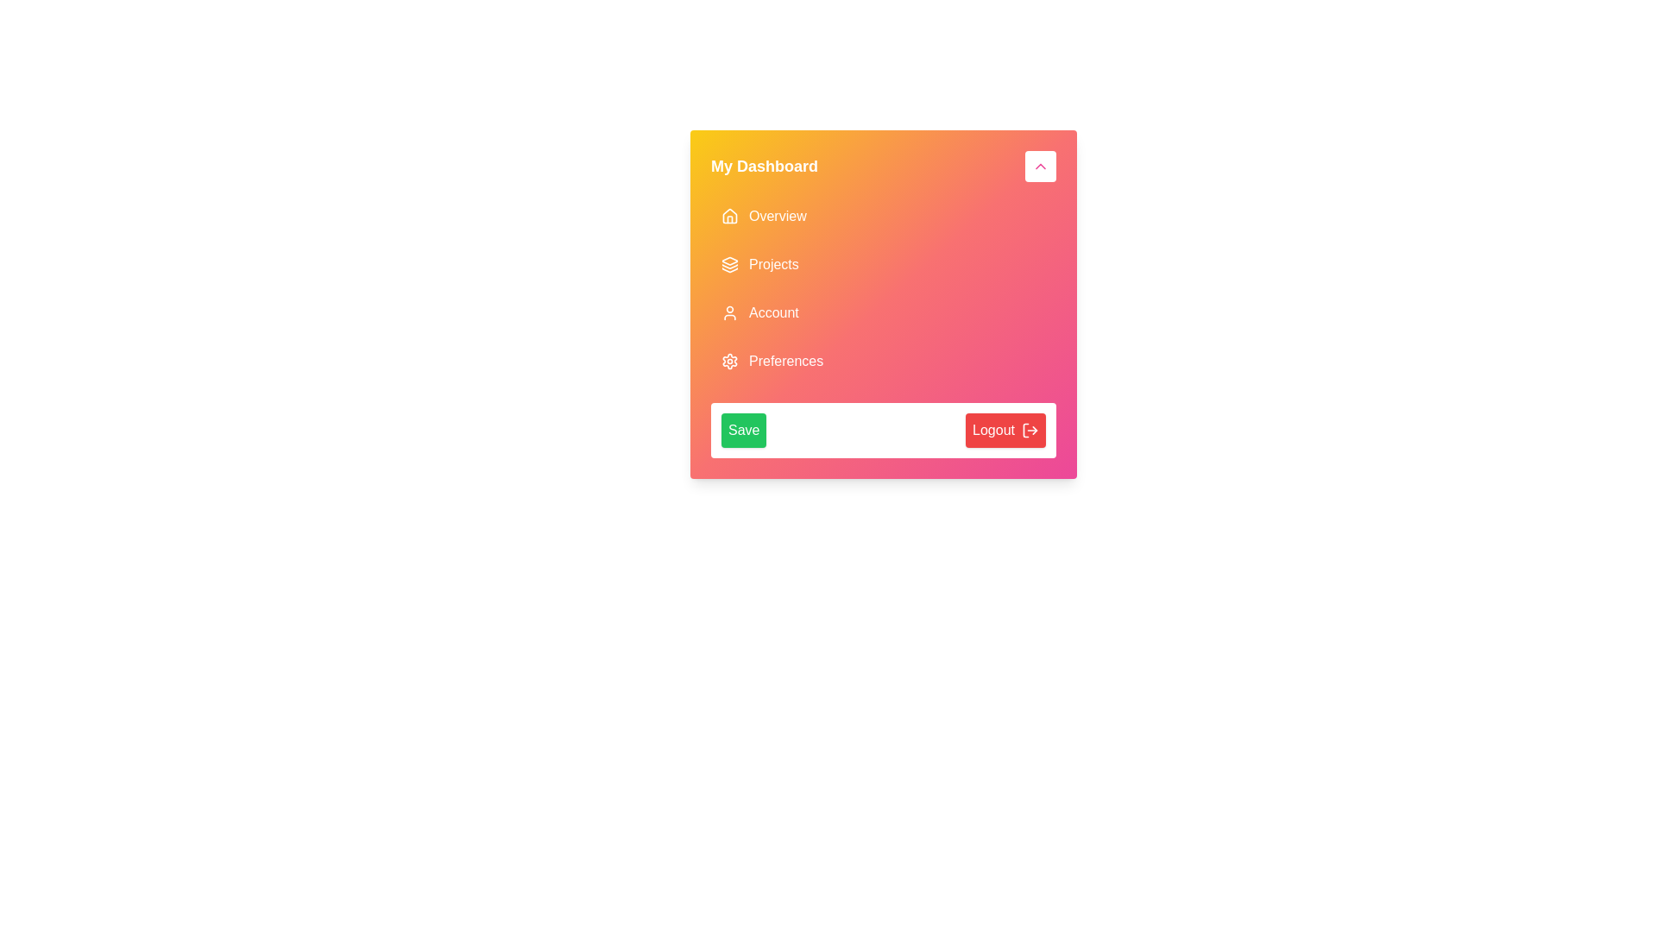 This screenshot has width=1657, height=932. Describe the element at coordinates (729, 361) in the screenshot. I see `the circular gear-like icon located on the right-hand side of the title 'My Dashboard'` at that location.